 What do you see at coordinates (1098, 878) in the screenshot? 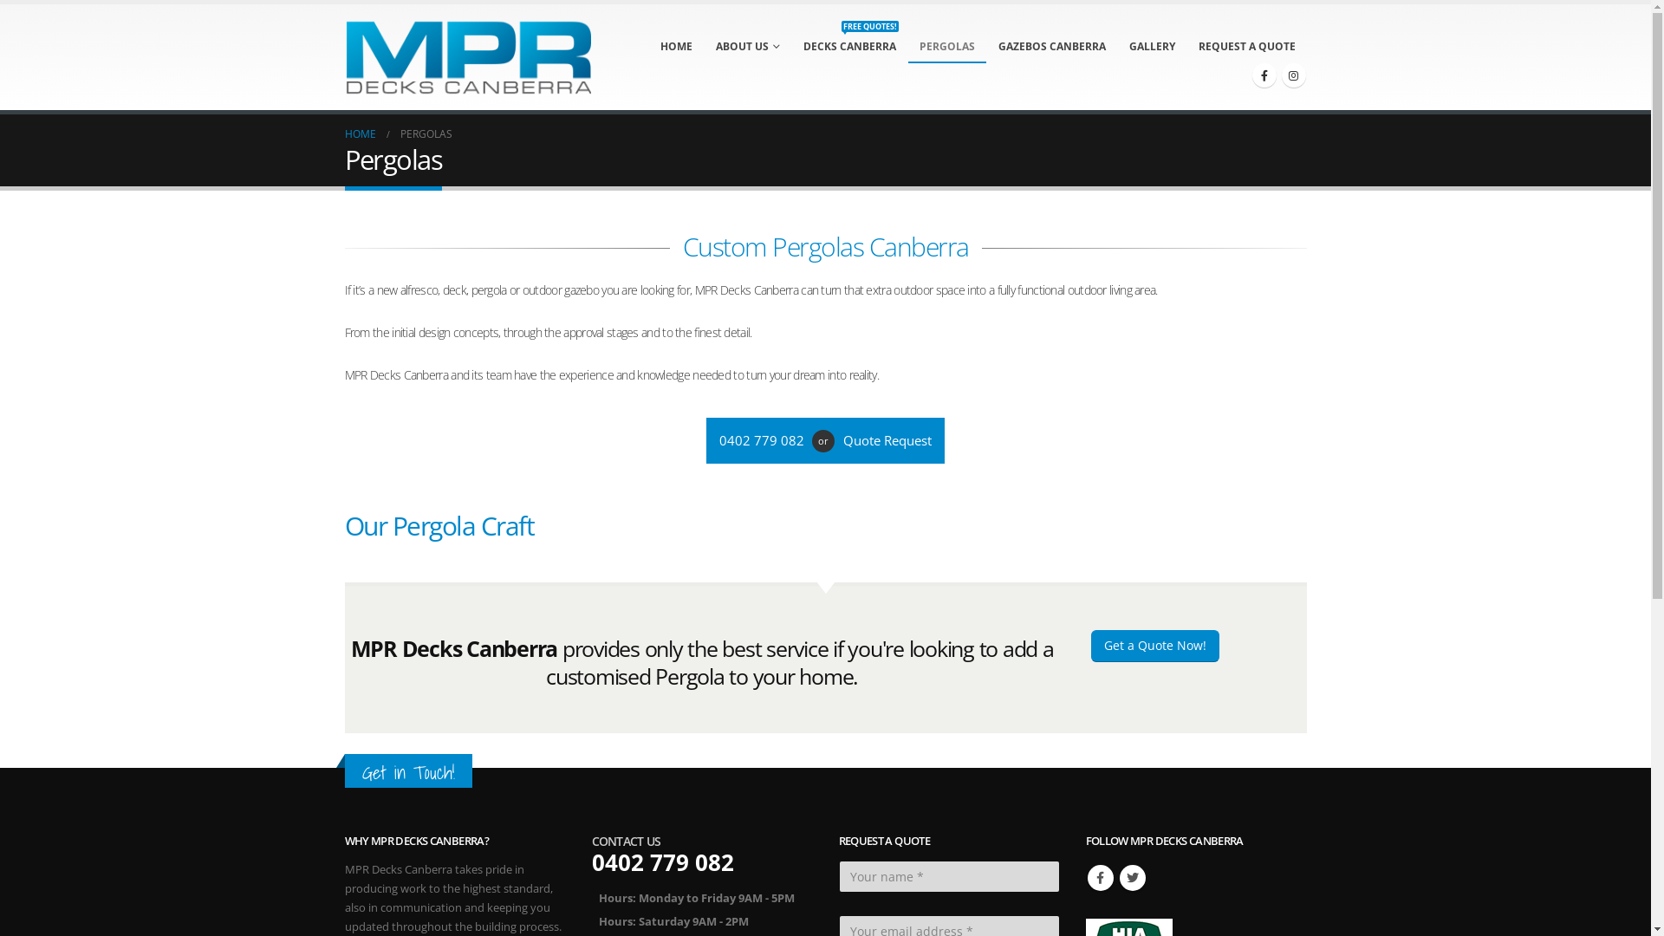
I see `'Facebook'` at bounding box center [1098, 878].